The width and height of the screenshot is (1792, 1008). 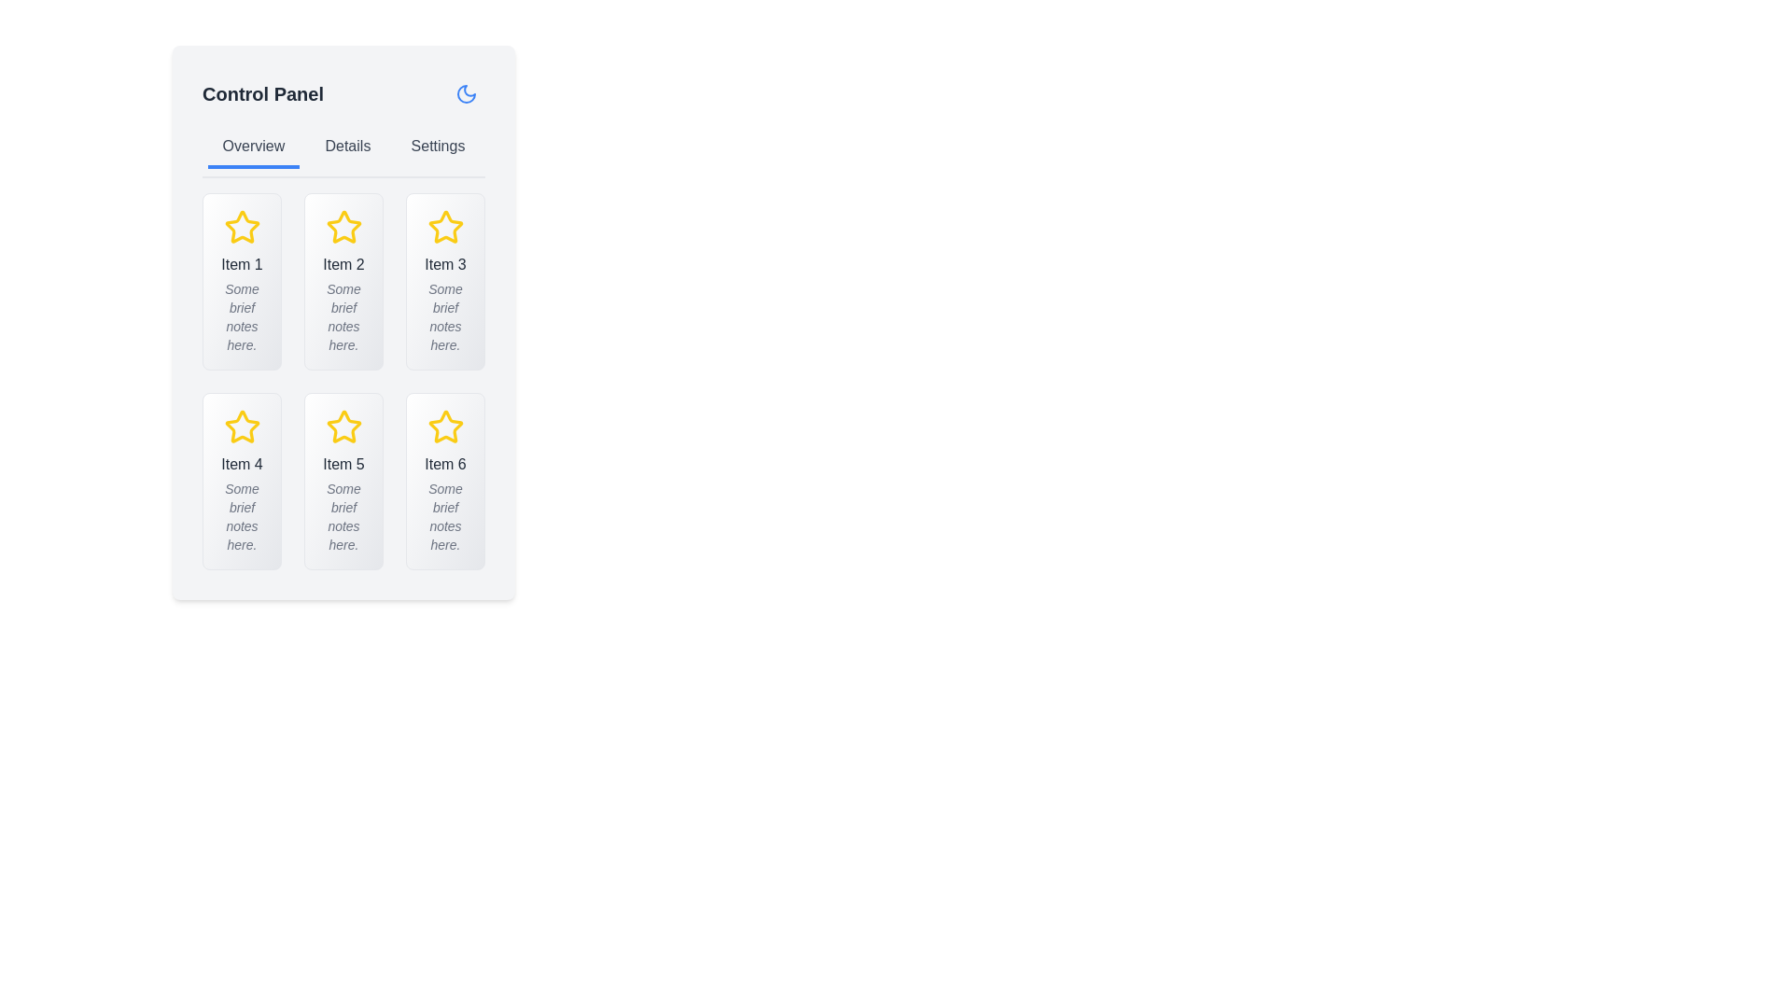 What do you see at coordinates (241, 427) in the screenshot?
I see `the star icon with a yellow outline, located above the text 'Item 4' in the second row, first column of the grid` at bounding box center [241, 427].